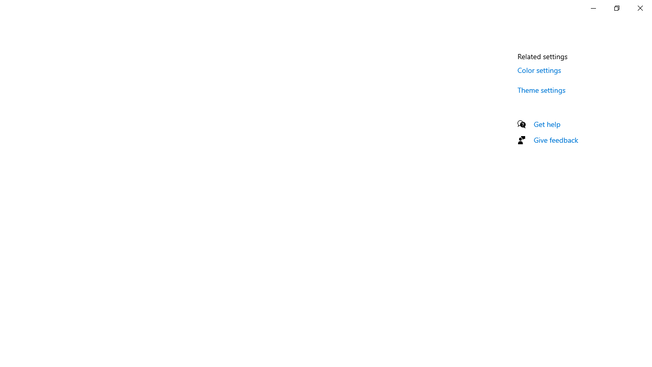  What do you see at coordinates (593, 8) in the screenshot?
I see `'Minimize Settings'` at bounding box center [593, 8].